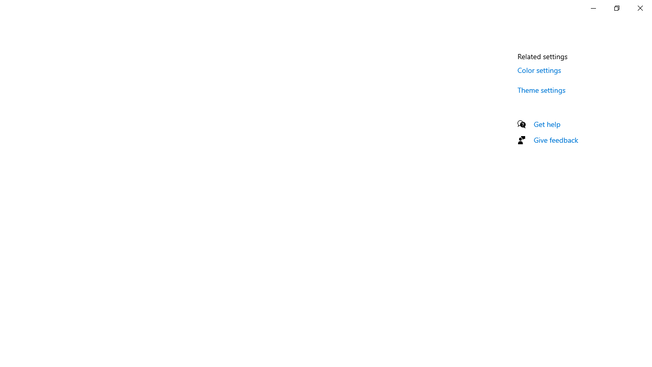  What do you see at coordinates (593, 8) in the screenshot?
I see `'Minimize Settings'` at bounding box center [593, 8].